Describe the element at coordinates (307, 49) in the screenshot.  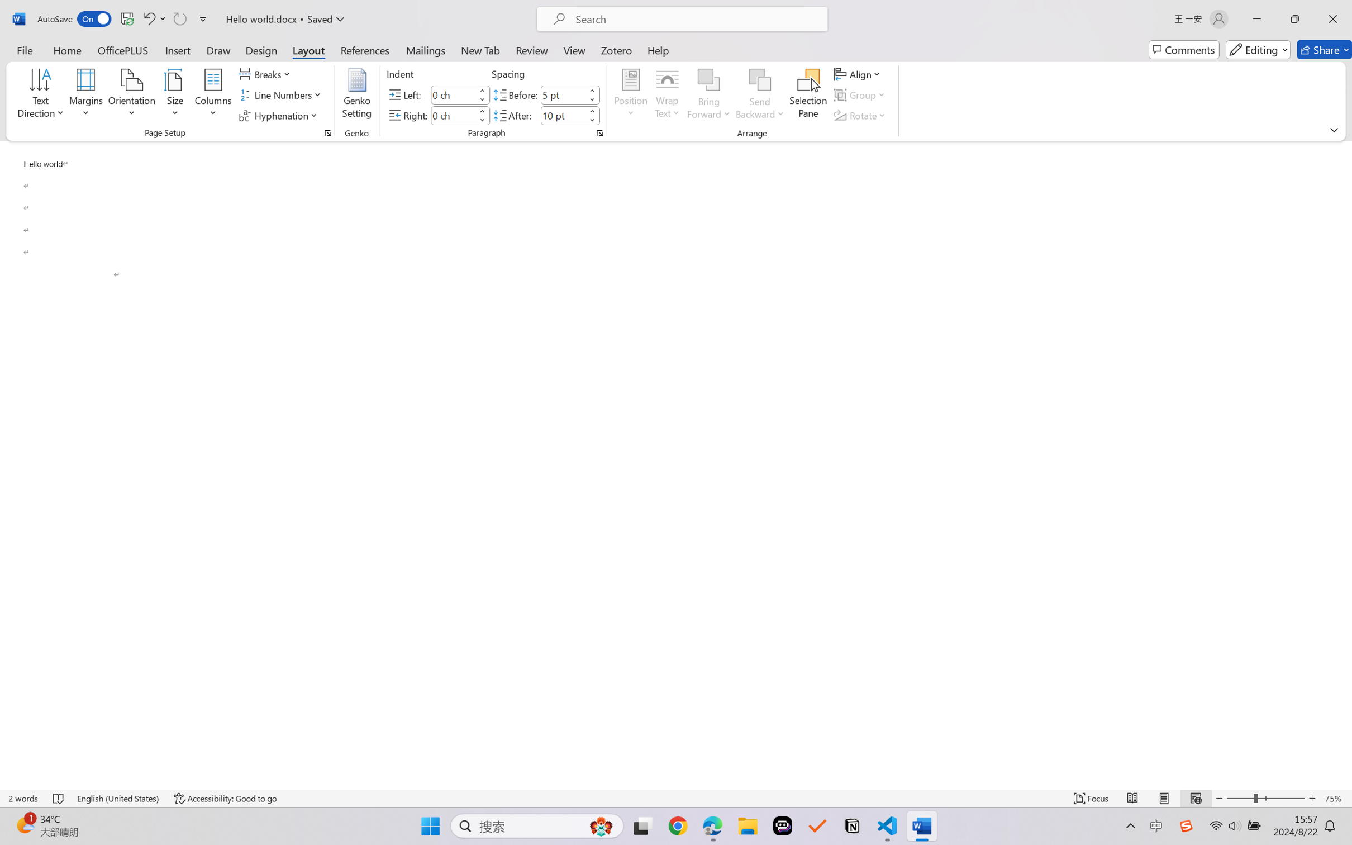
I see `'Layout'` at that location.